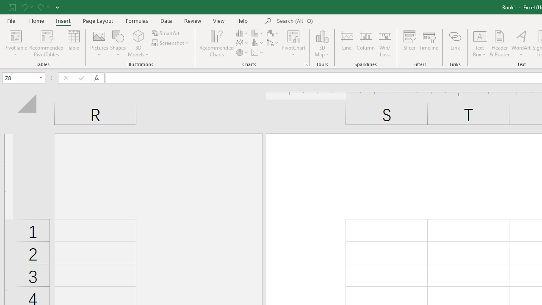 The width and height of the screenshot is (542, 305). What do you see at coordinates (384, 44) in the screenshot?
I see `'Win/Loss'` at bounding box center [384, 44].